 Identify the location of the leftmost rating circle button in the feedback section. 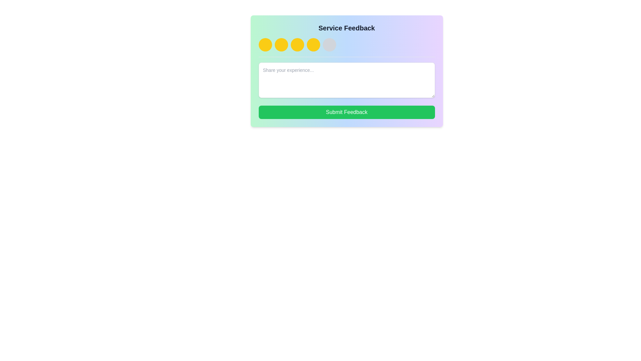
(265, 45).